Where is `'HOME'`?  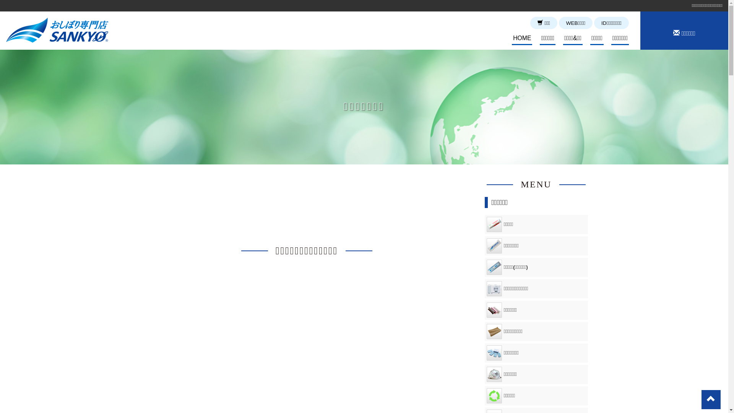 'HOME' is located at coordinates (512, 39).